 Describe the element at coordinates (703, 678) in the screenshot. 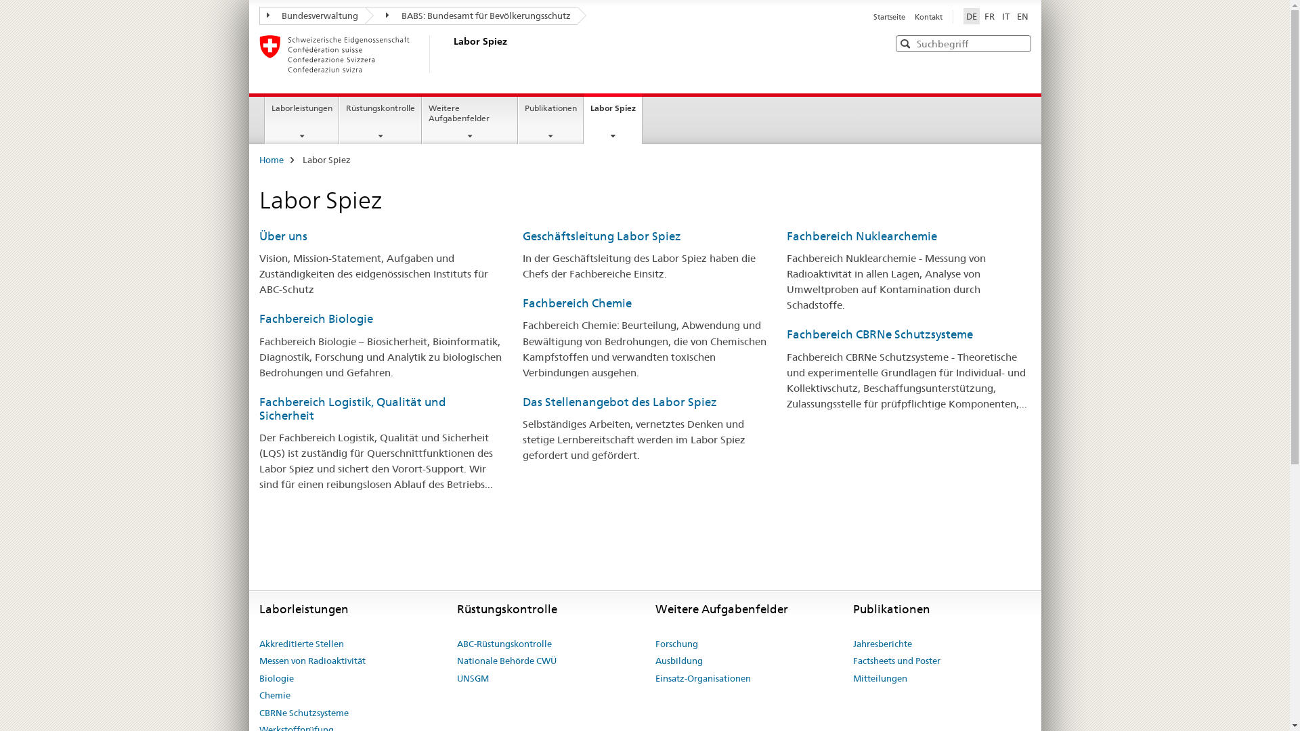

I see `'Einsatz-Organisationen'` at that location.